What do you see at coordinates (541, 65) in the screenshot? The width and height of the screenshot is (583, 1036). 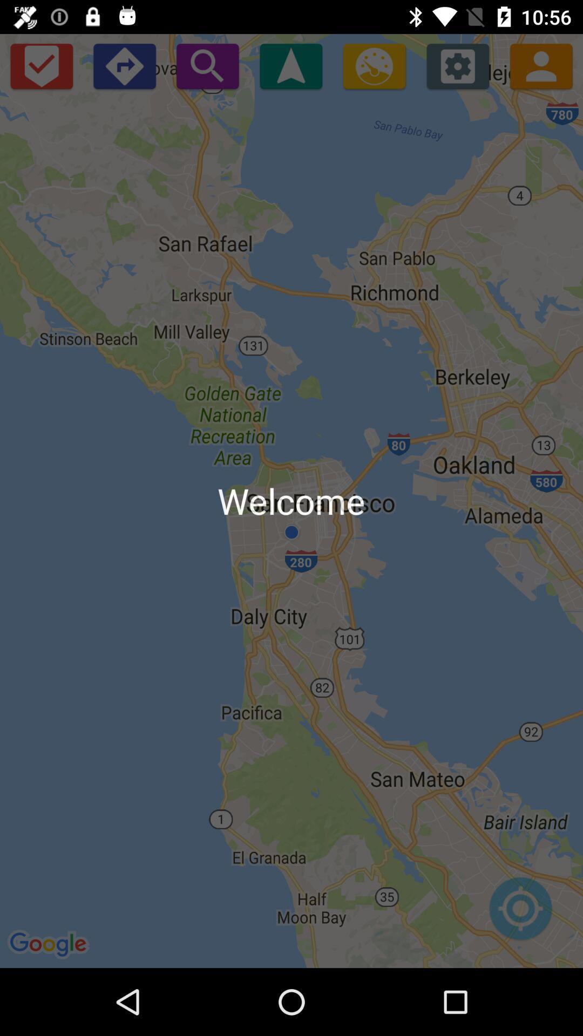 I see `contact list` at bounding box center [541, 65].